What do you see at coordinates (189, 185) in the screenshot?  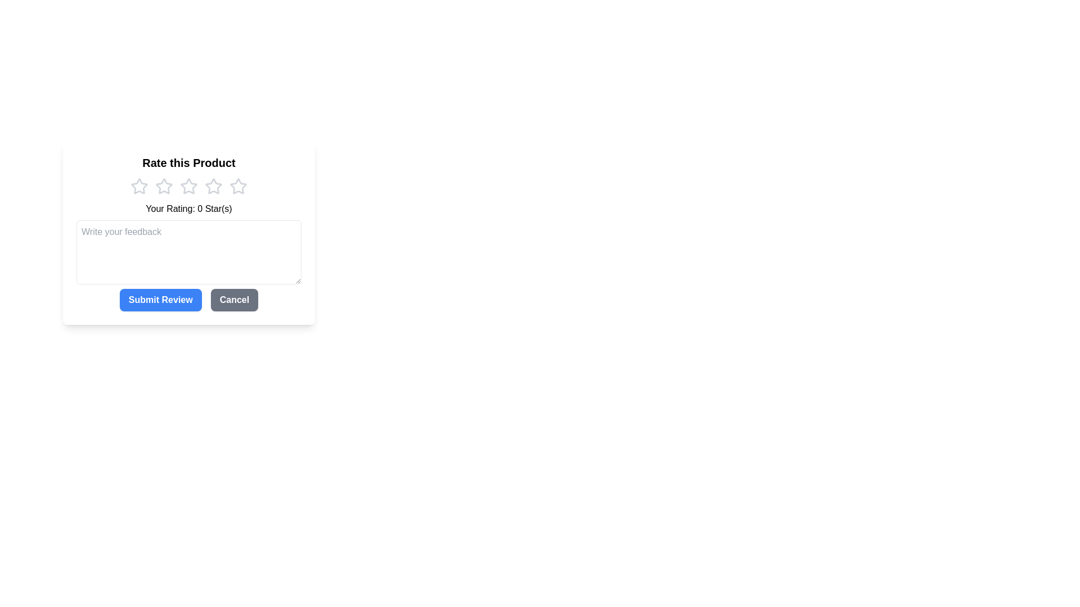 I see `the third star in the star-based rating system` at bounding box center [189, 185].